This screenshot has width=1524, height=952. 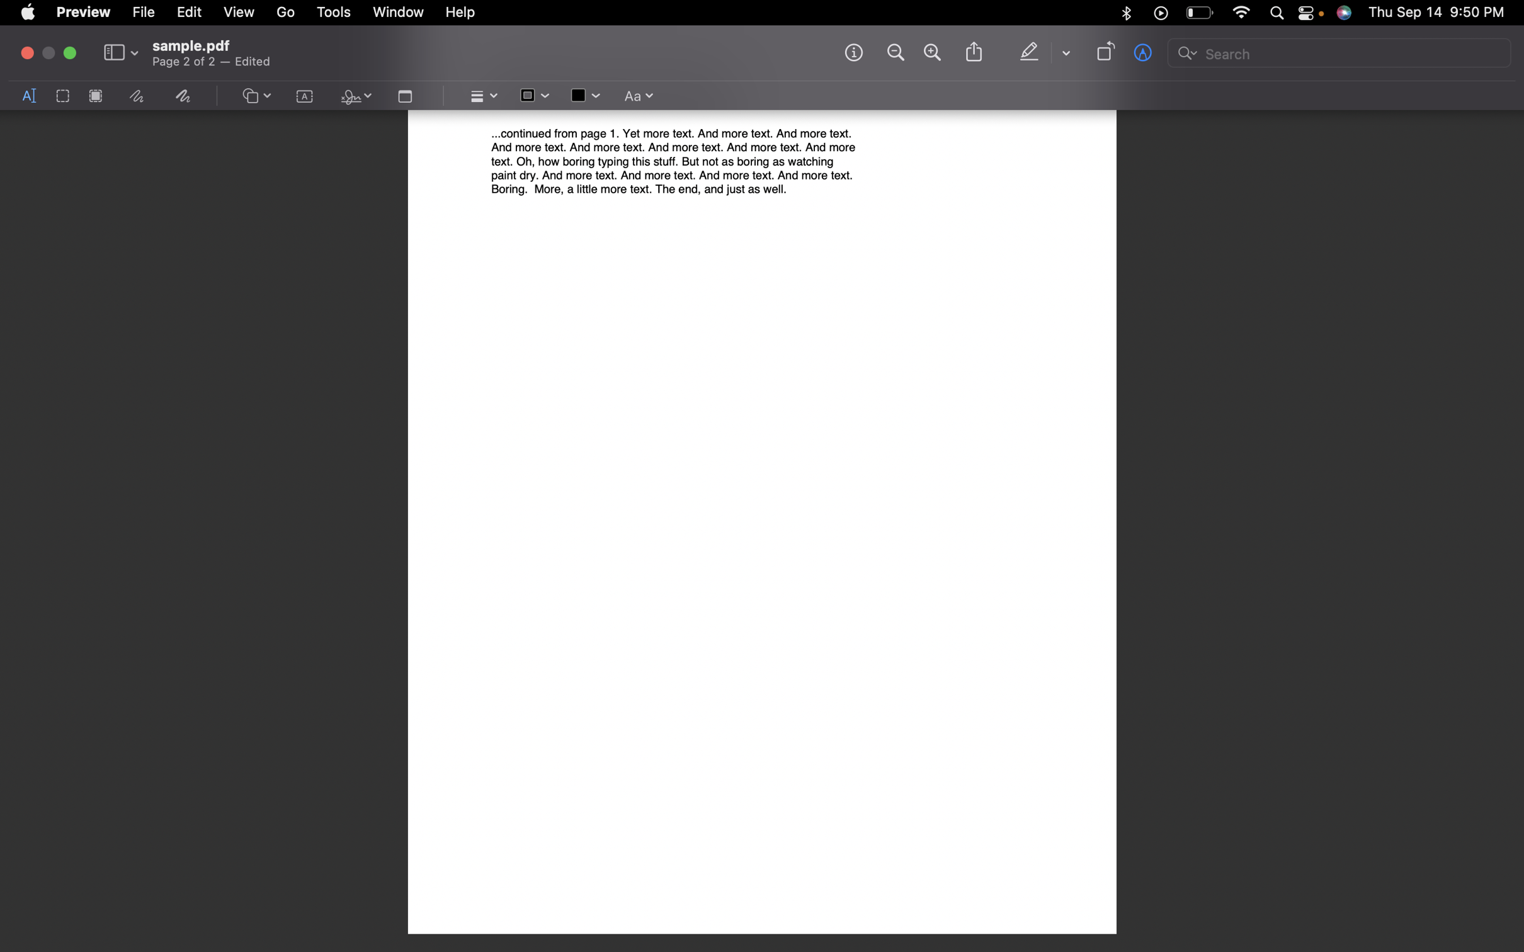 What do you see at coordinates (62, 96) in the screenshot?
I see `Opt for the rectangular select tool` at bounding box center [62, 96].